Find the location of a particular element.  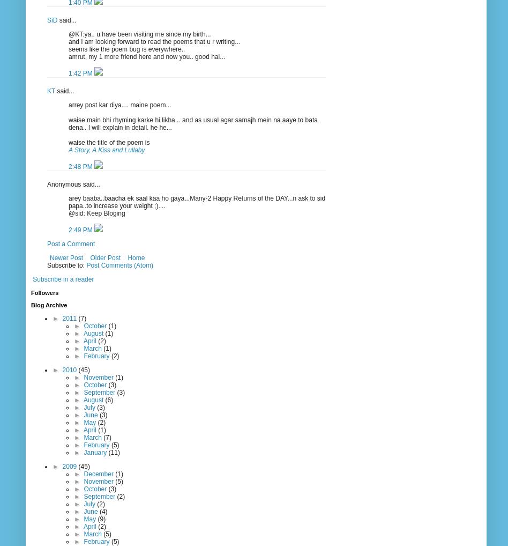

'2011' is located at coordinates (62, 318).